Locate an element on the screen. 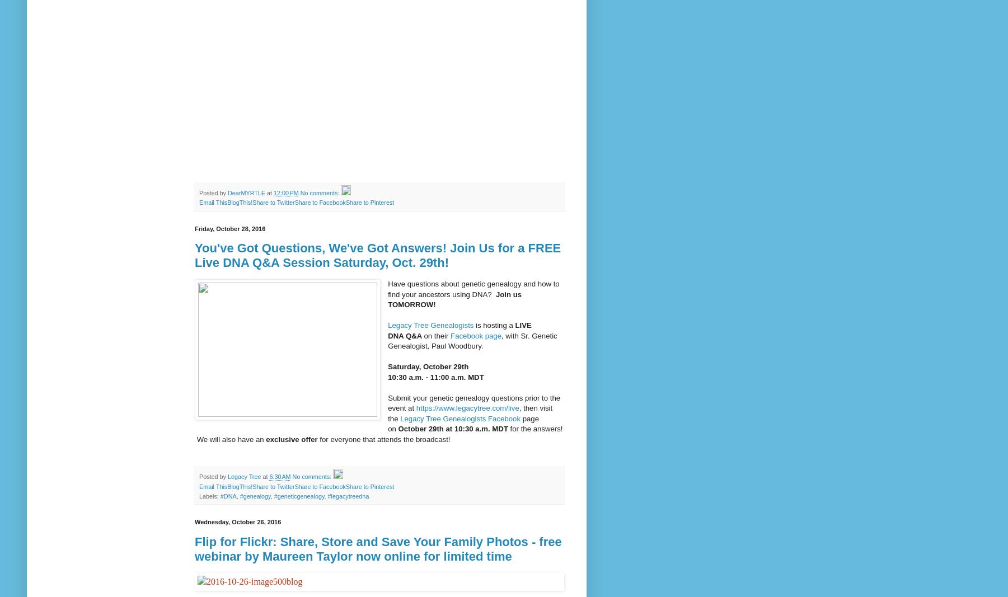  'Wednesday, October 26, 2016' is located at coordinates (237, 521).